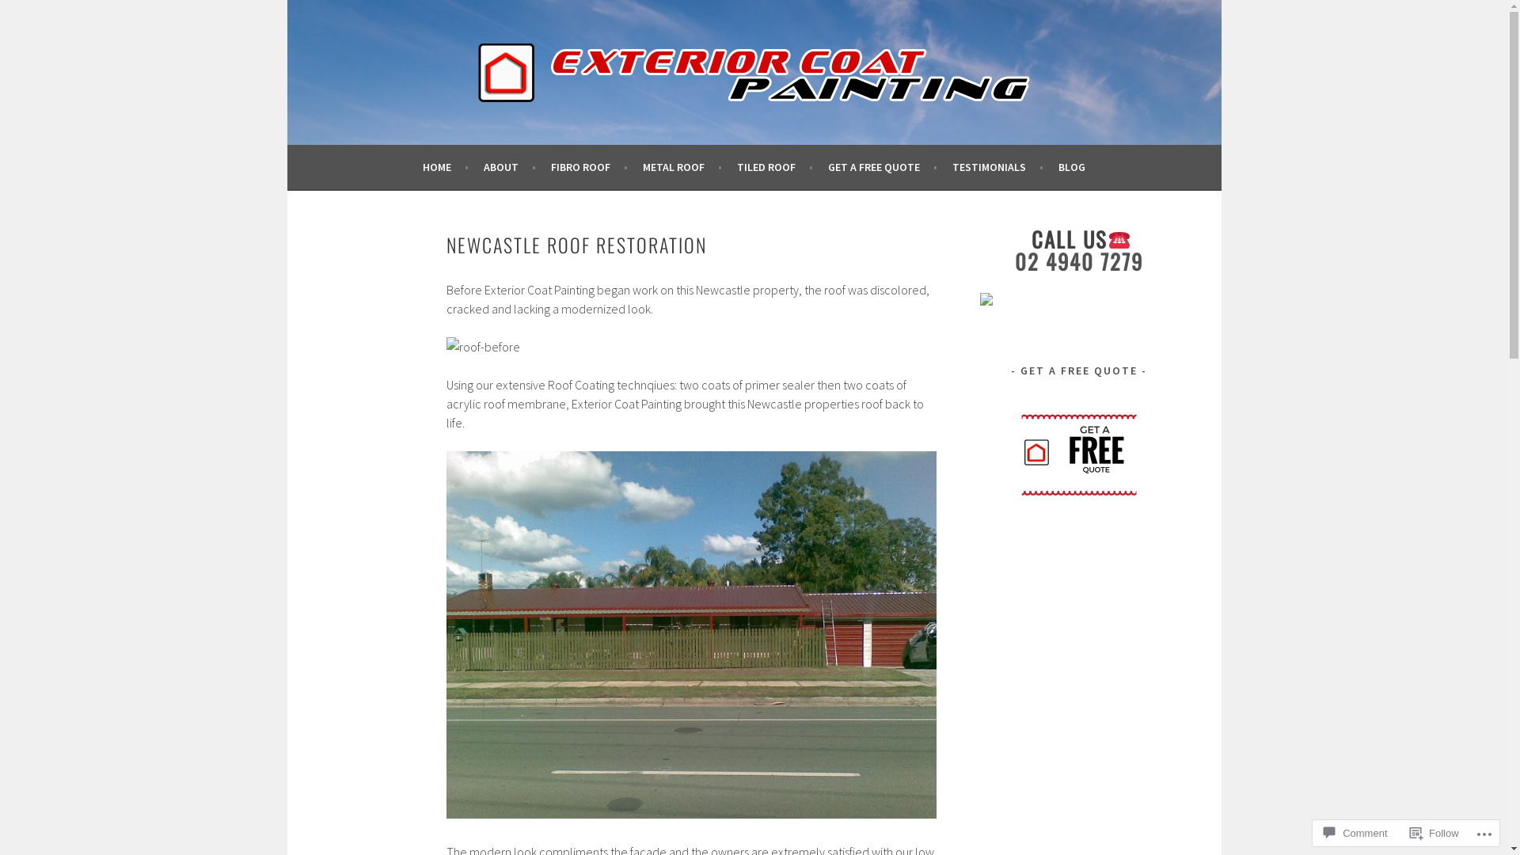 The width and height of the screenshot is (1520, 855). What do you see at coordinates (1317, 832) in the screenshot?
I see `'Comment'` at bounding box center [1317, 832].